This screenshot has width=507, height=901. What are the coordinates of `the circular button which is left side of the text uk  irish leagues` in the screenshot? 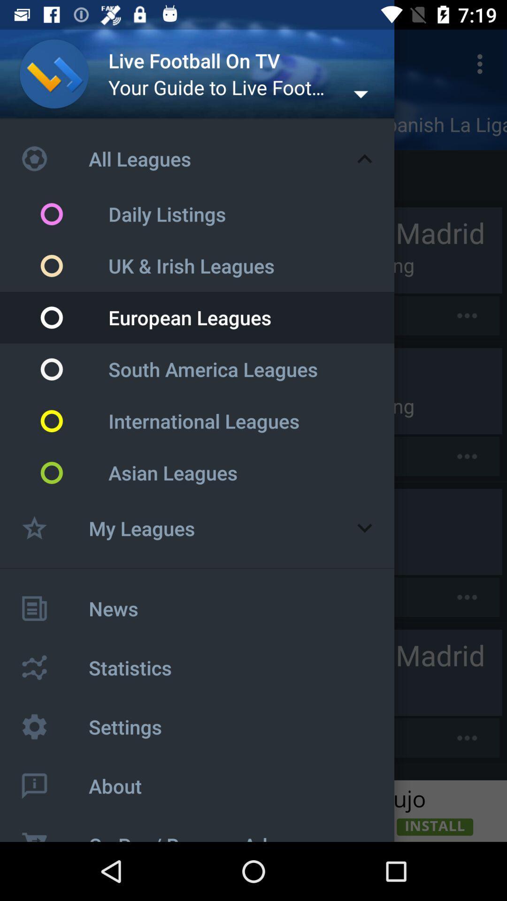 It's located at (73, 265).